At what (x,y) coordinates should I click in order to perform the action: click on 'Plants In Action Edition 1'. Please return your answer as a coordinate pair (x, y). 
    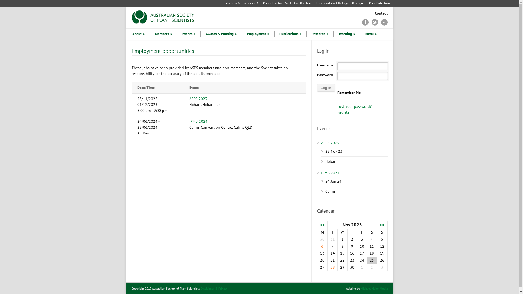
    Looking at the image, I should click on (243, 3).